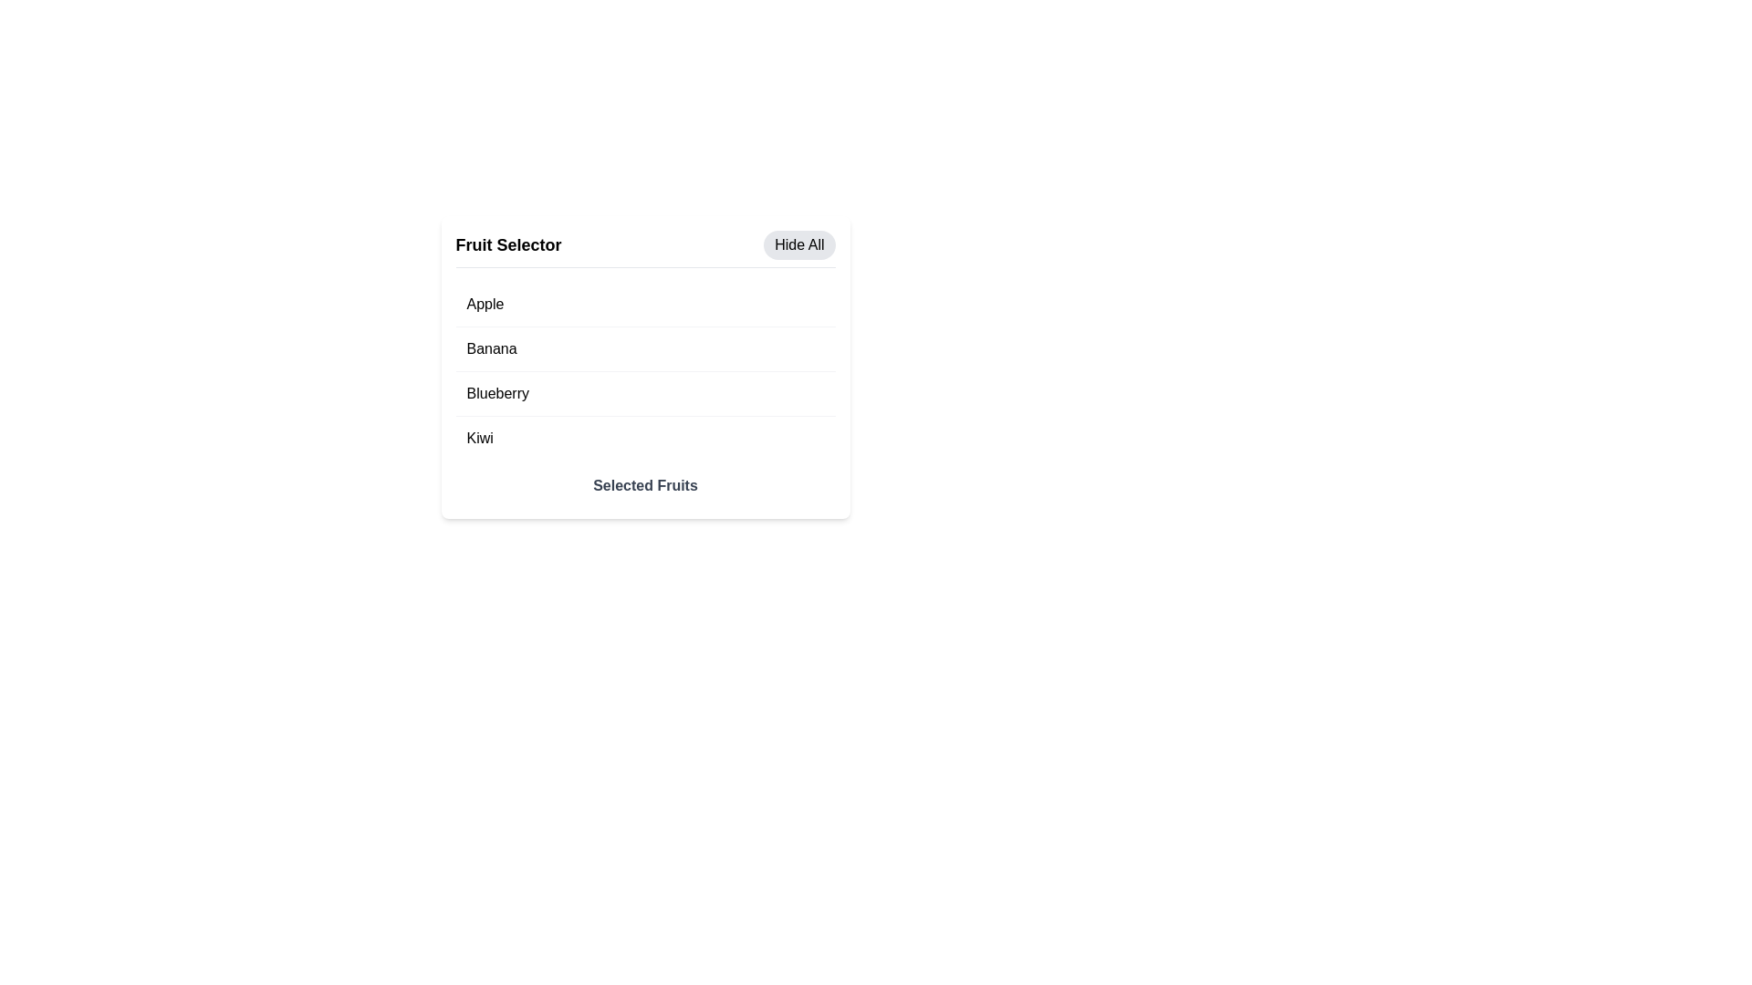  What do you see at coordinates (645, 370) in the screenshot?
I see `names of the fruit items listed in the vertical list within the 'Fruit Selector' section, which includes 'Apple', 'Banana', 'Blueberry', and 'Kiwi'` at bounding box center [645, 370].